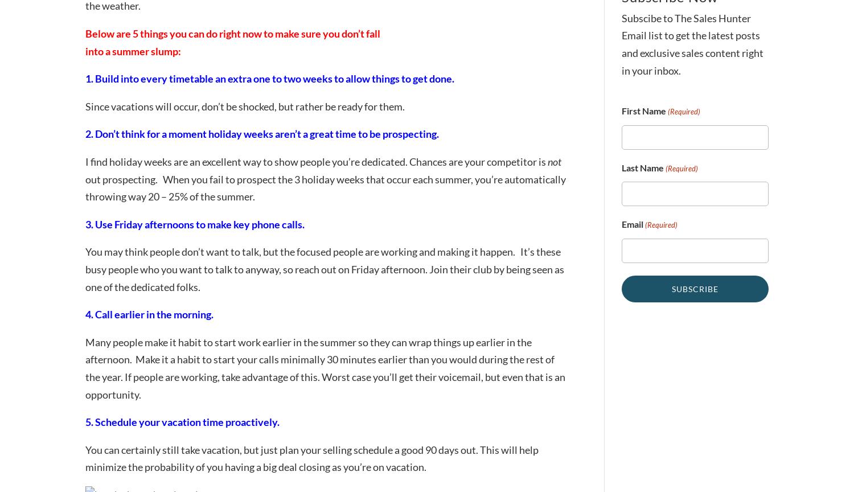  I want to click on 'Last Name', so click(621, 167).